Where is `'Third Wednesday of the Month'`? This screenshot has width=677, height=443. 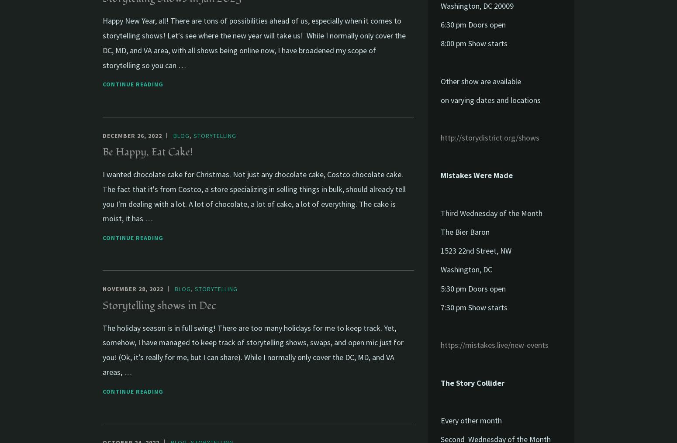
'Third Wednesday of the Month' is located at coordinates (491, 212).